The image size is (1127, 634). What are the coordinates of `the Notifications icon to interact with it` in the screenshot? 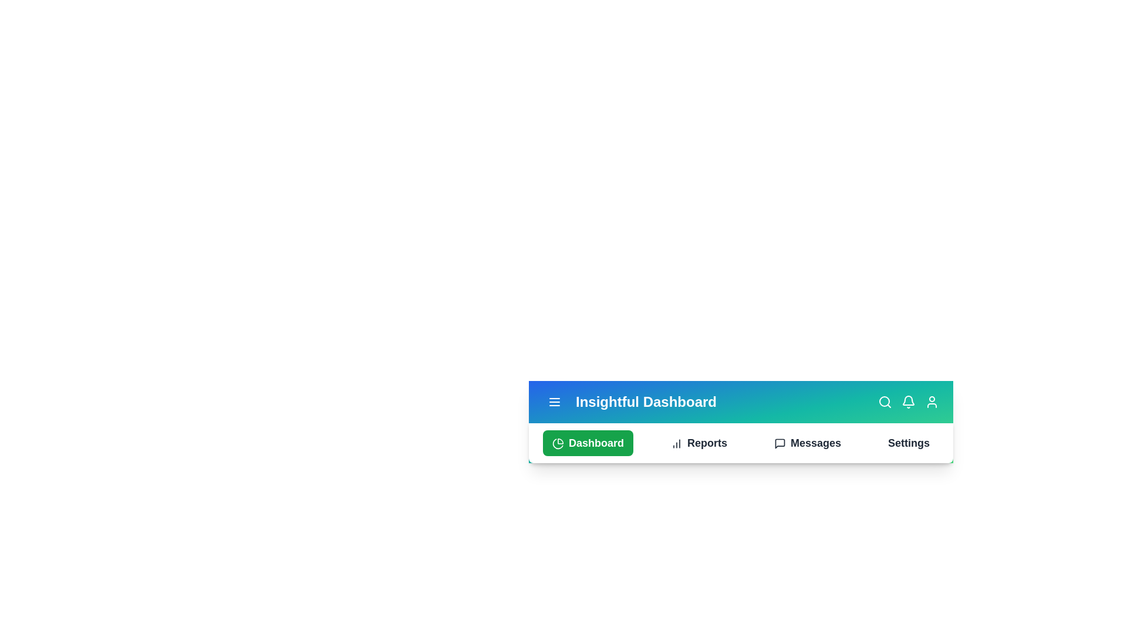 It's located at (908, 402).